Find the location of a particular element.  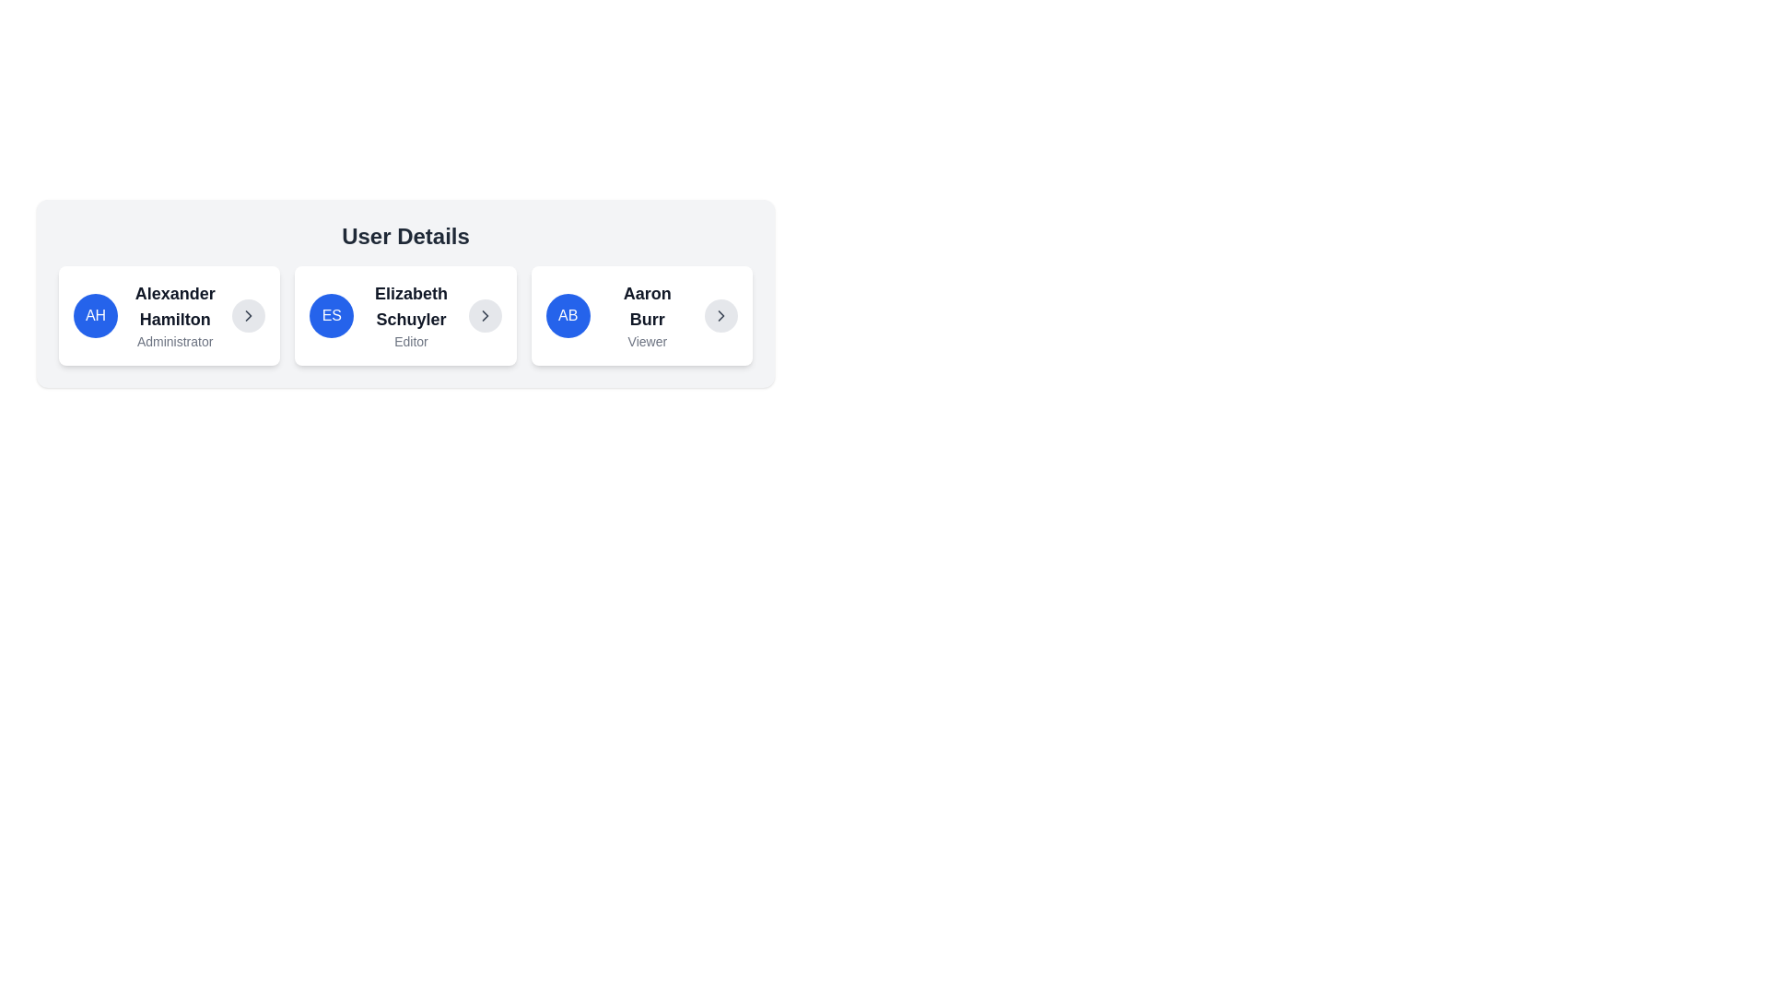

the 'Viewer' text label, which is styled in a small light gray font and located below the bold 'Aaron Burr' title in the user card interface is located at coordinates (647, 341).